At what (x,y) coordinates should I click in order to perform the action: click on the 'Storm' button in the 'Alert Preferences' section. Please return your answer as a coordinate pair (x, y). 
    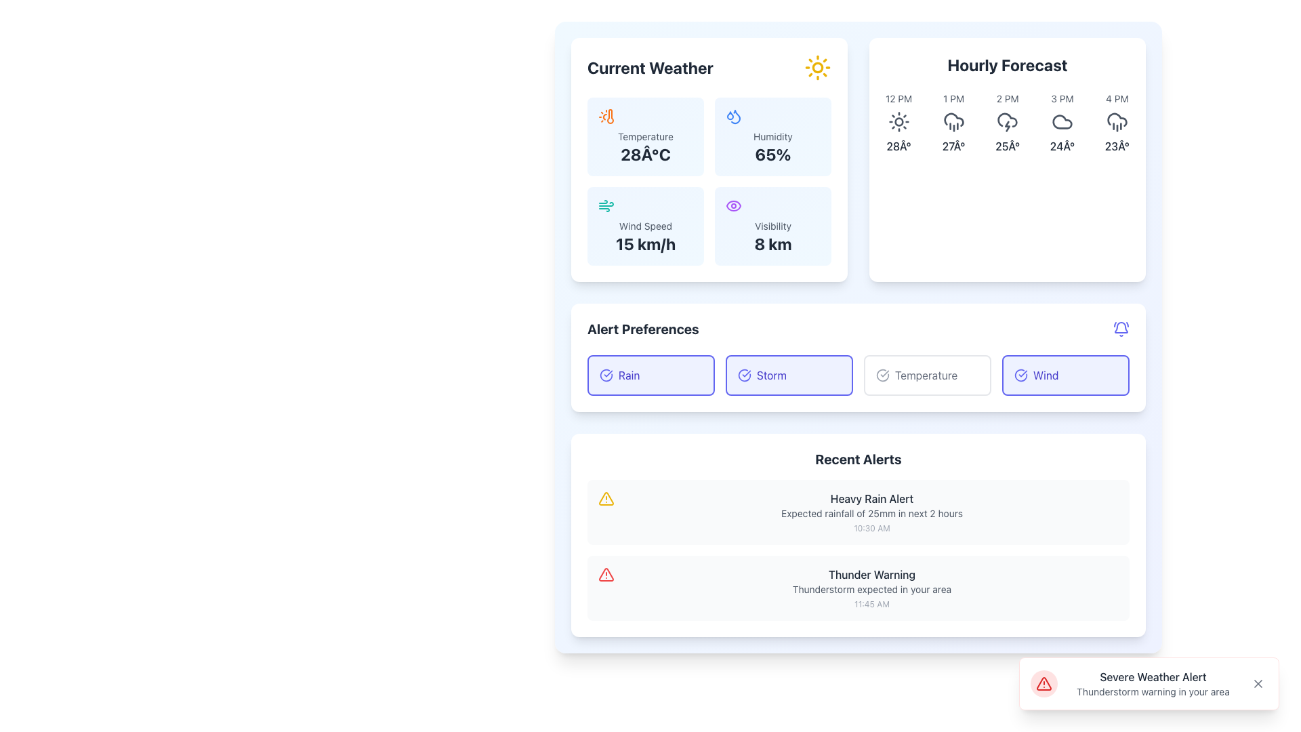
    Looking at the image, I should click on (789, 375).